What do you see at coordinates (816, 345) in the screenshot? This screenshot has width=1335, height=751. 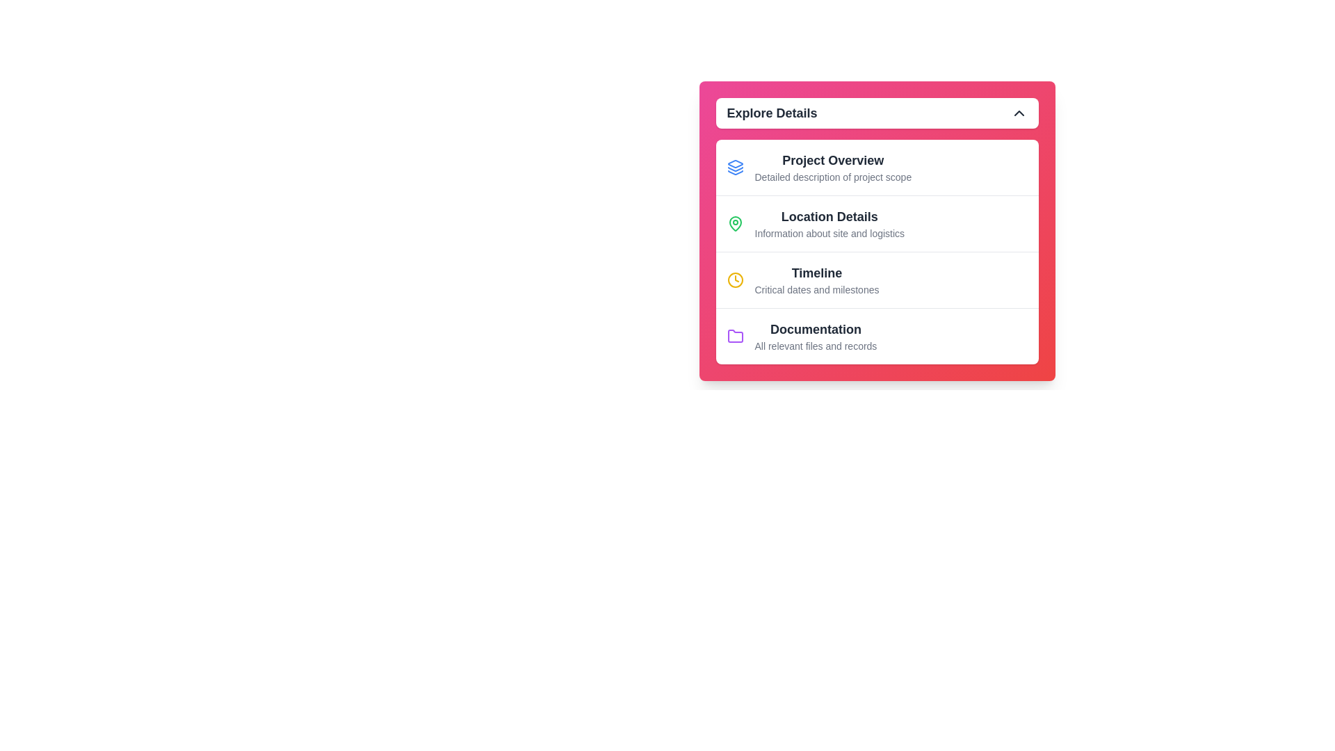 I see `text label providing a brief description of the 'Documentation' section, which indicates that it contains all relevant files and records` at bounding box center [816, 345].